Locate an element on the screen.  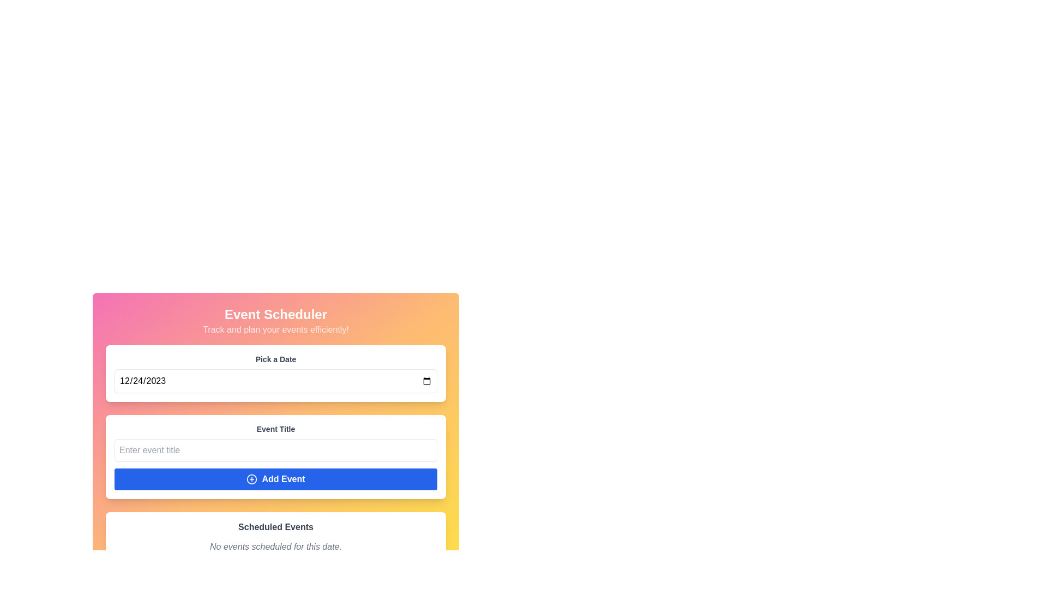
the input field labeled 'Event Title' to begin typing is located at coordinates (275, 456).